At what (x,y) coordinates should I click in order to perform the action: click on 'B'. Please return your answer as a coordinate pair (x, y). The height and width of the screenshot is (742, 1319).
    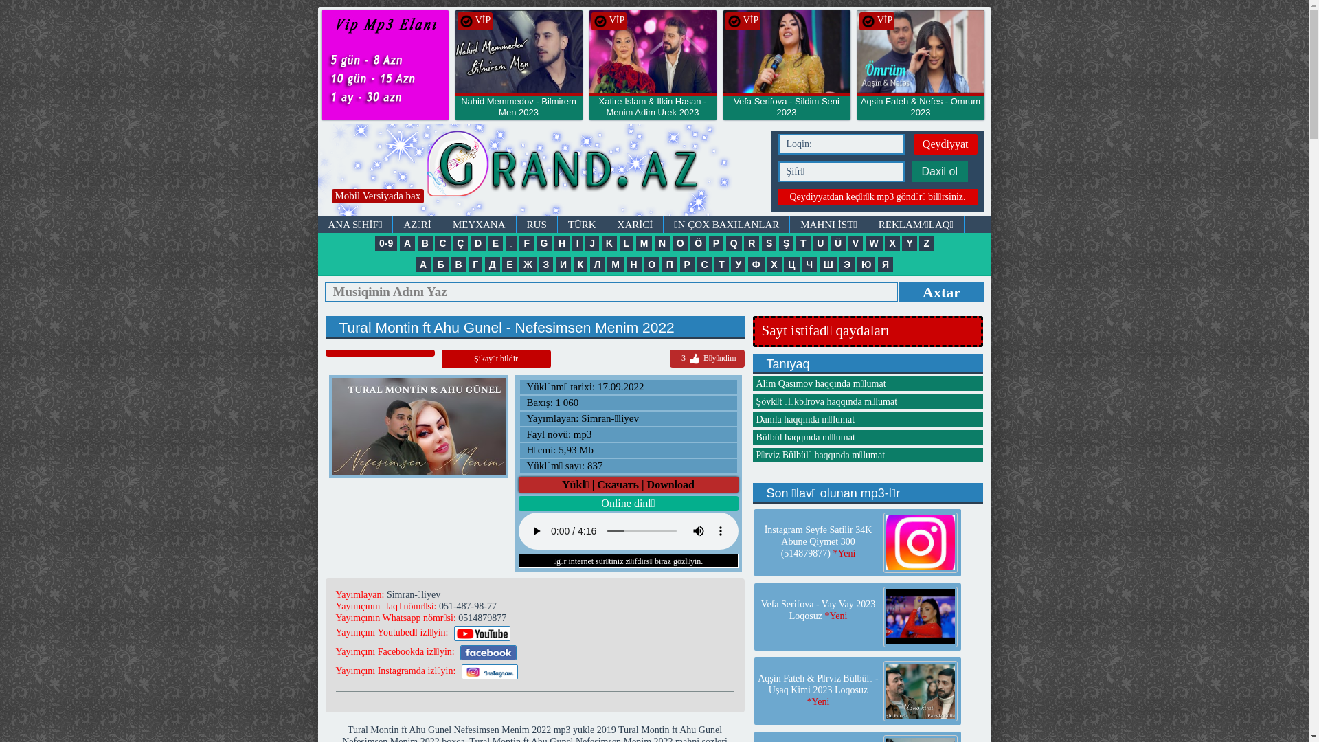
    Looking at the image, I should click on (425, 243).